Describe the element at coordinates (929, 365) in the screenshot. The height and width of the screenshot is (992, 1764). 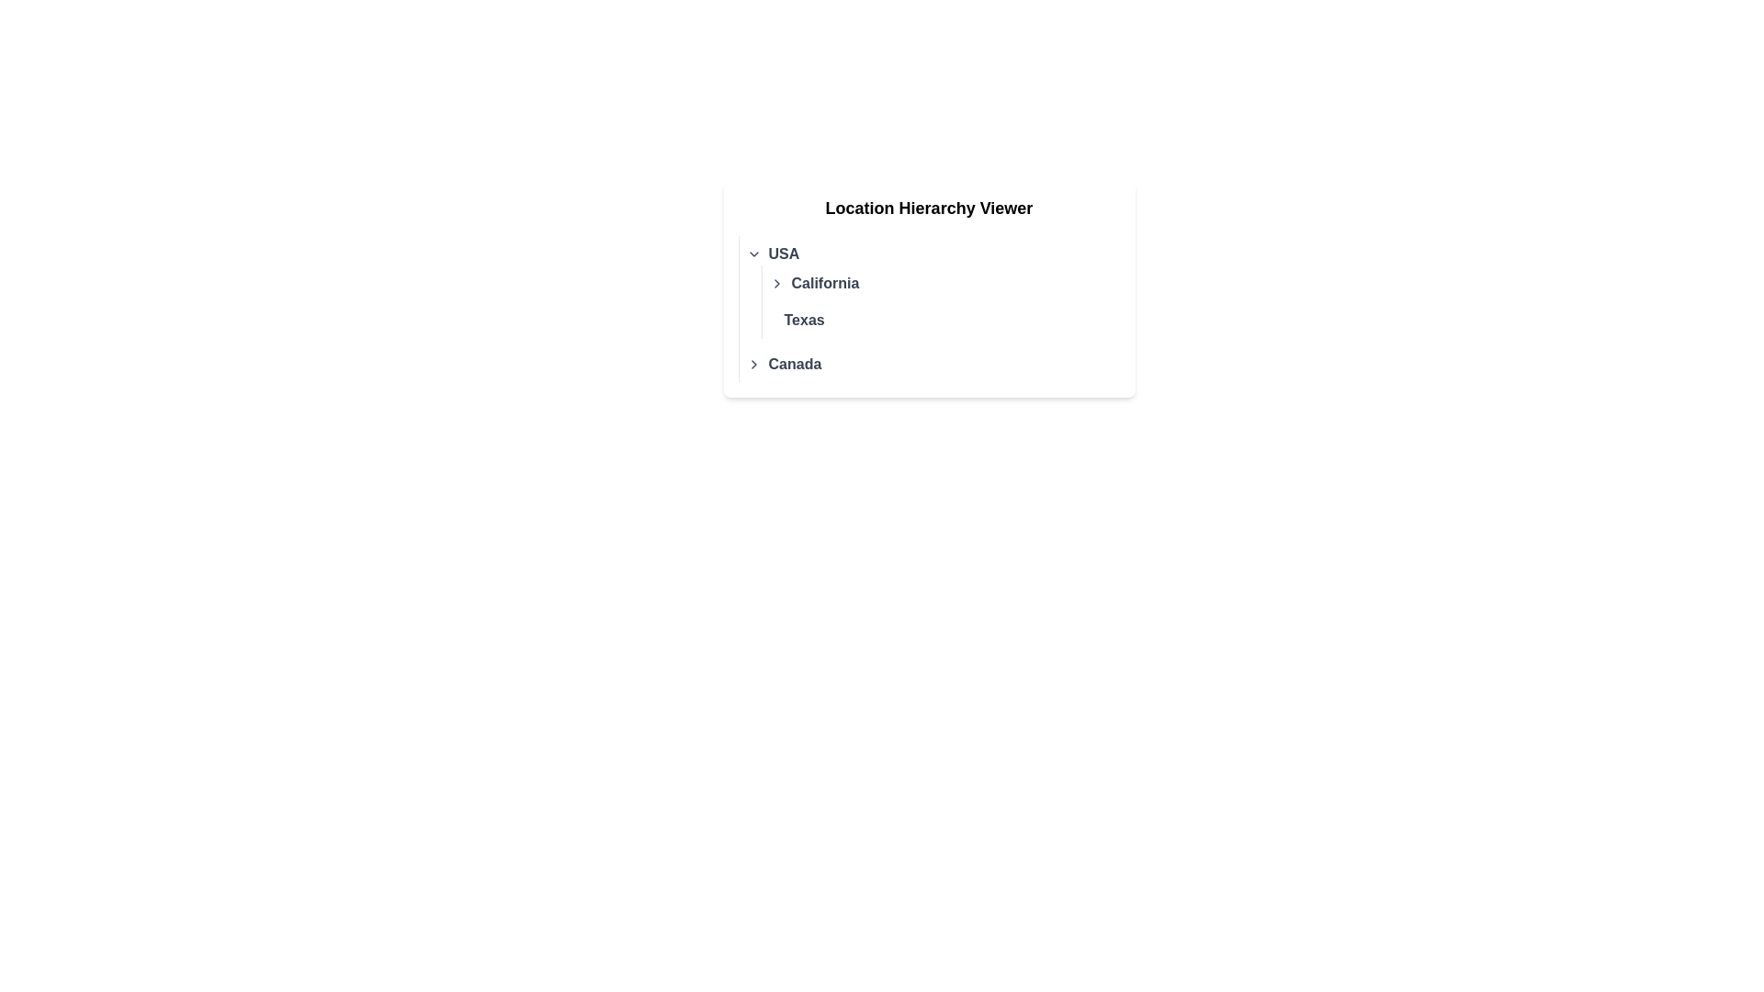
I see `the last selectable geographical category in the 'Location Hierarchy Viewer' list` at that location.